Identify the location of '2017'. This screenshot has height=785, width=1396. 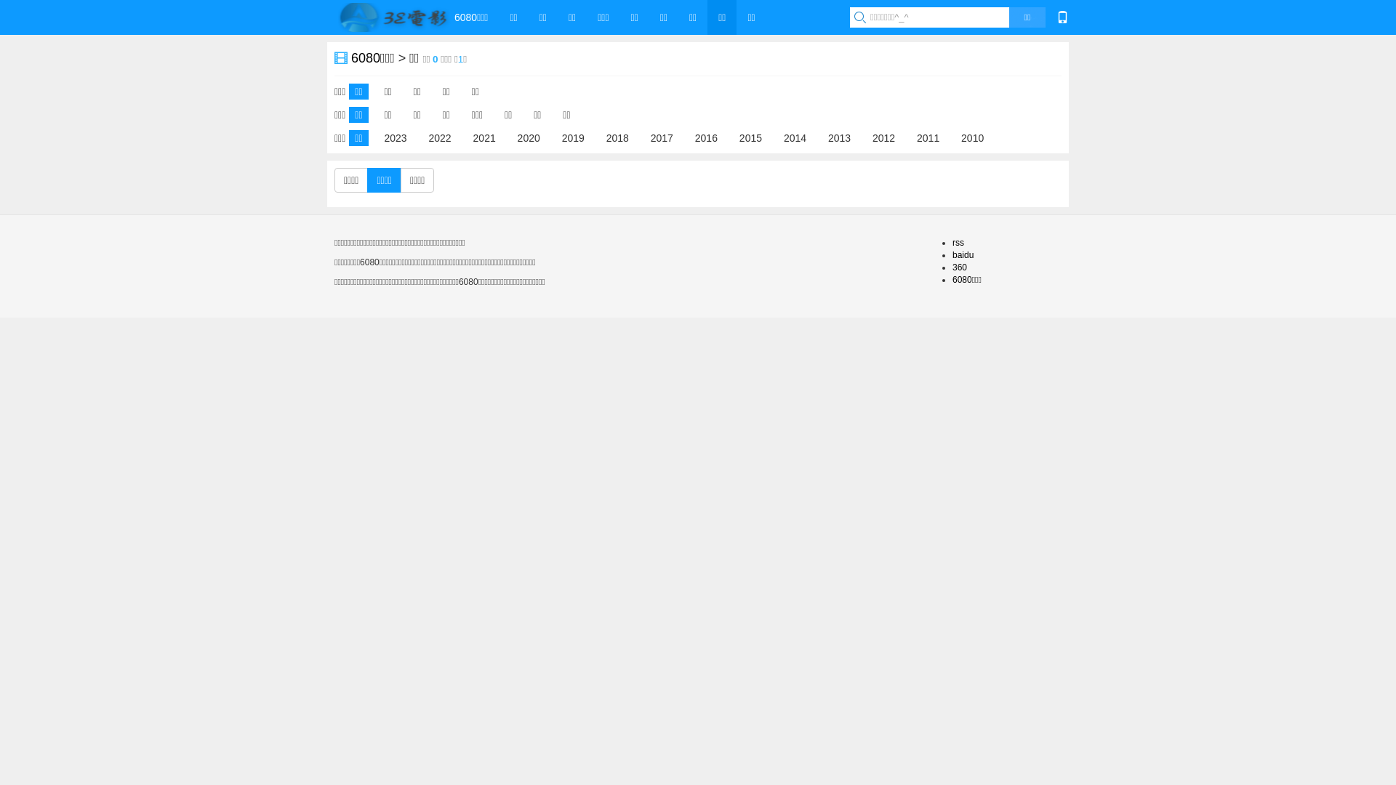
(661, 137).